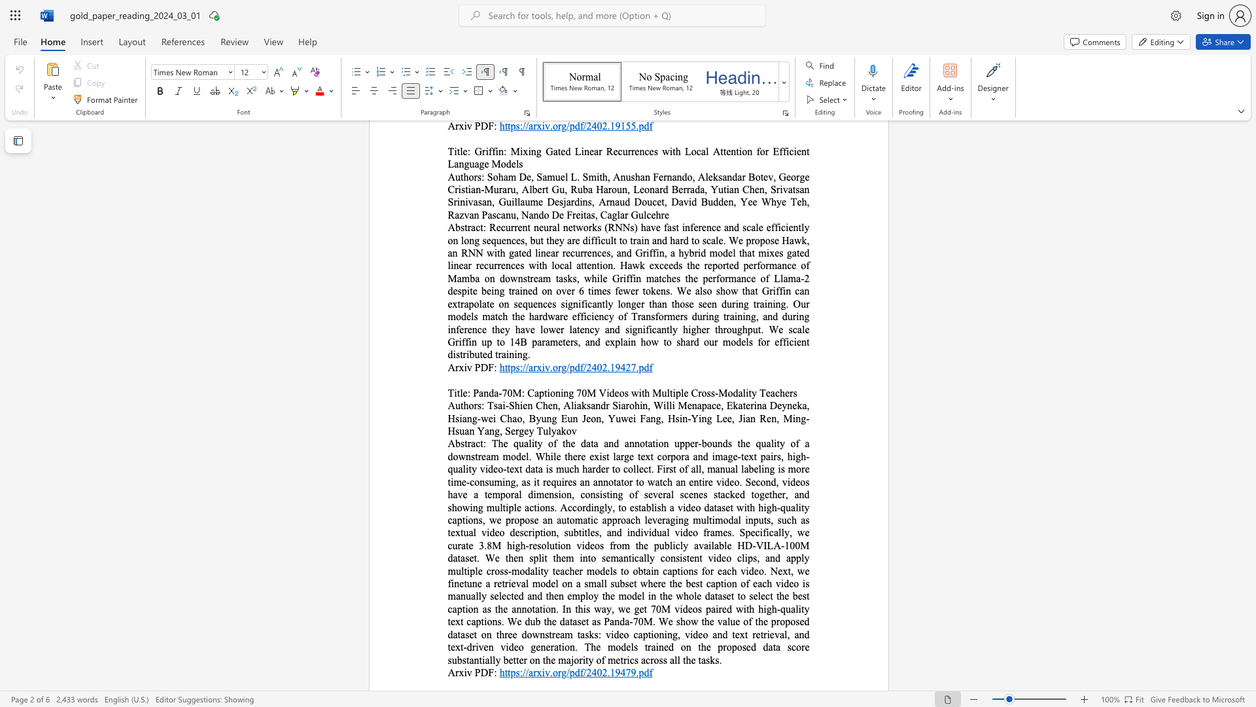  What do you see at coordinates (591, 672) in the screenshot?
I see `the subset text "402.1947" within the text "https://arxiv.org/pdf/2402.19479.pdf"` at bounding box center [591, 672].